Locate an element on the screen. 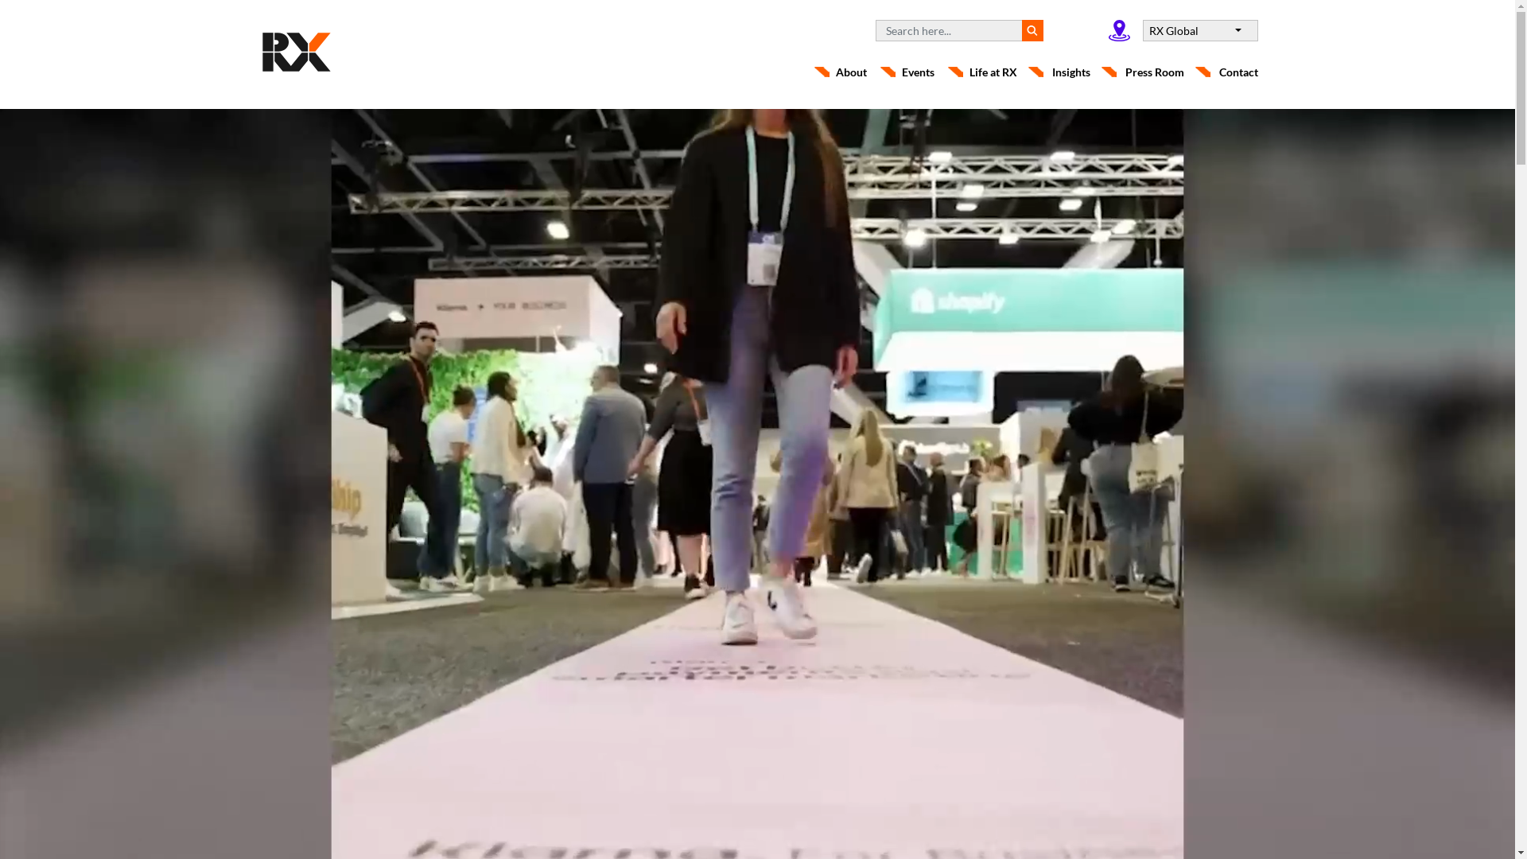 Image resolution: width=1527 pixels, height=859 pixels. 'RX Global' is located at coordinates (1140, 30).